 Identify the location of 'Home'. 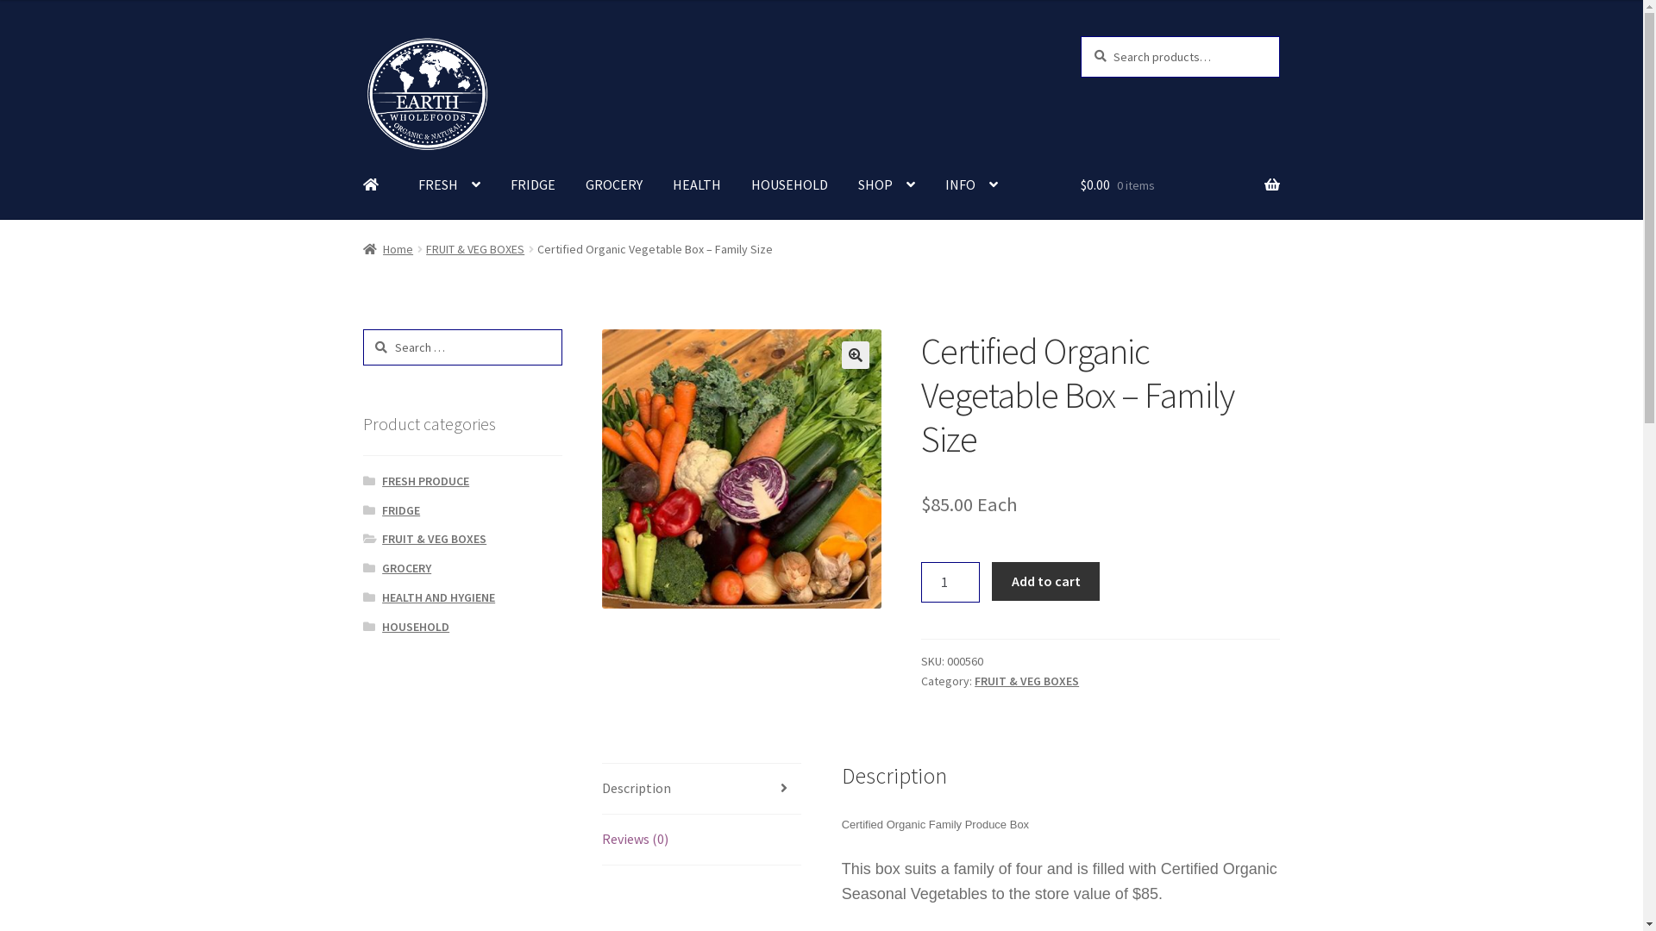
(387, 249).